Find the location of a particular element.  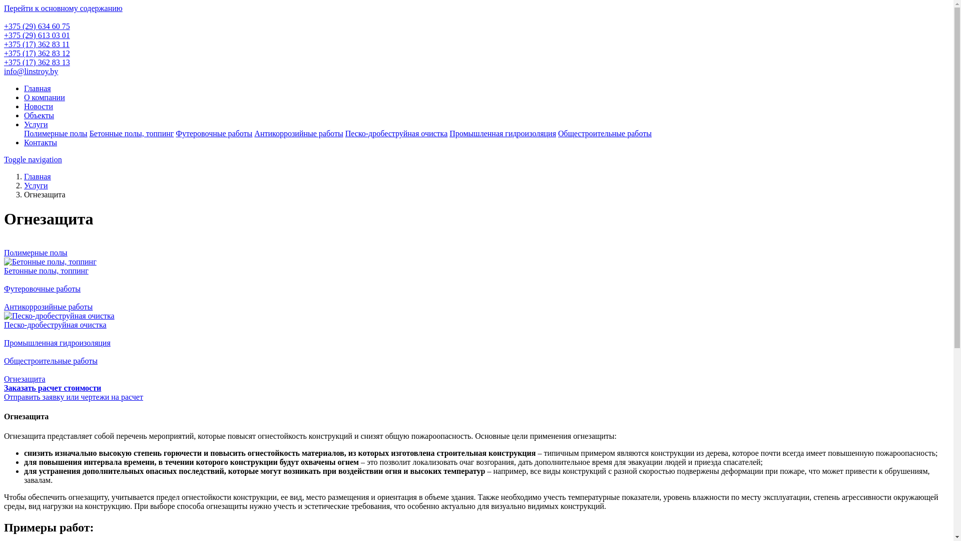

'+375 (29) 613 03 01' is located at coordinates (37, 35).